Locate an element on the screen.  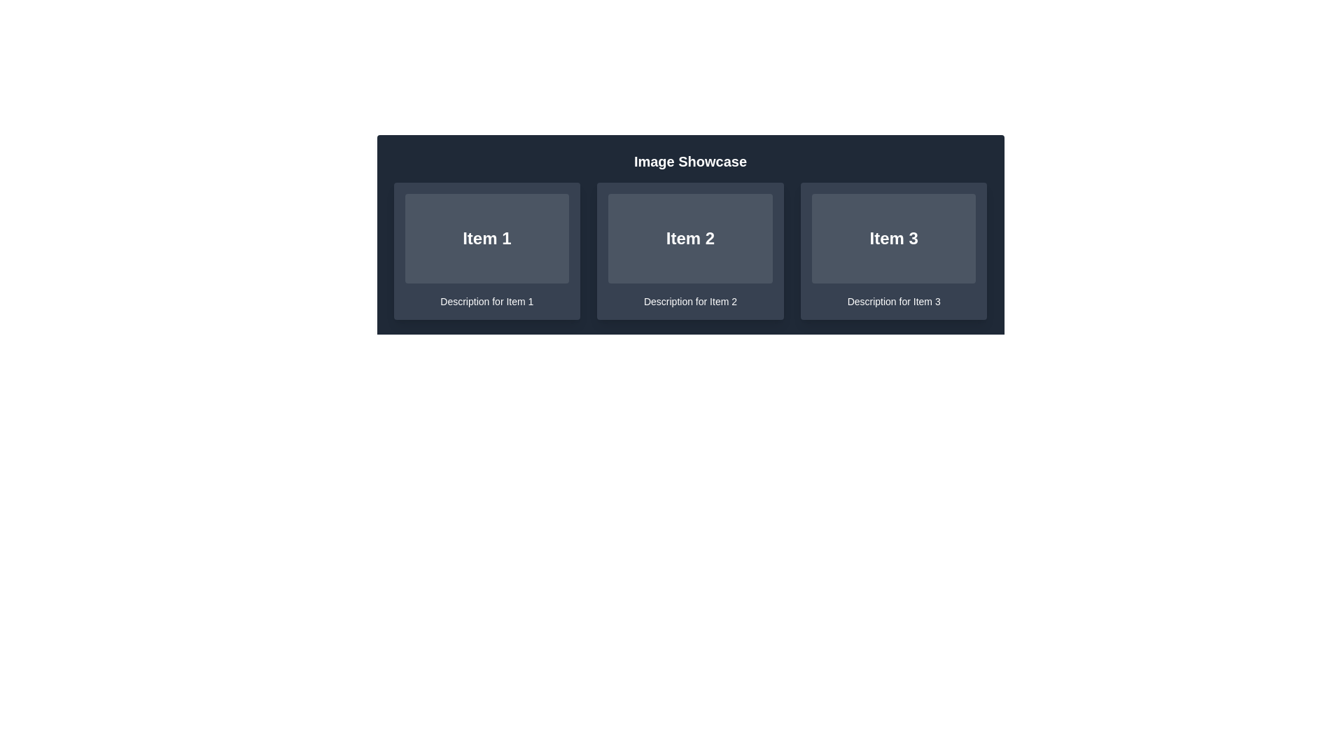
the text label displaying 'Item 1' in bold white font against a dark gray background, which is centrally placed within the first item box is located at coordinates (486, 237).